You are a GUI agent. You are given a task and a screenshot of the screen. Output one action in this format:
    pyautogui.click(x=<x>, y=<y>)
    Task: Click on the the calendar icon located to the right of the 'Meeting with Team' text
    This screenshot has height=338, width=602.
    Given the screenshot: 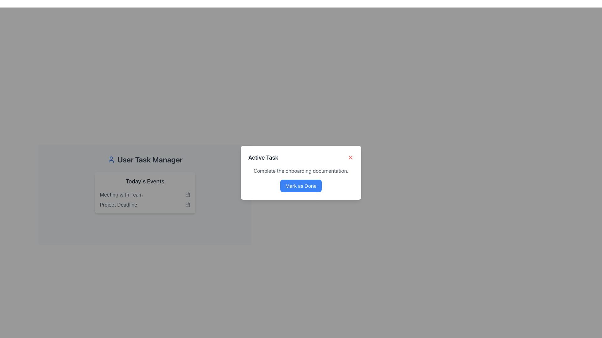 What is the action you would take?
    pyautogui.click(x=187, y=194)
    